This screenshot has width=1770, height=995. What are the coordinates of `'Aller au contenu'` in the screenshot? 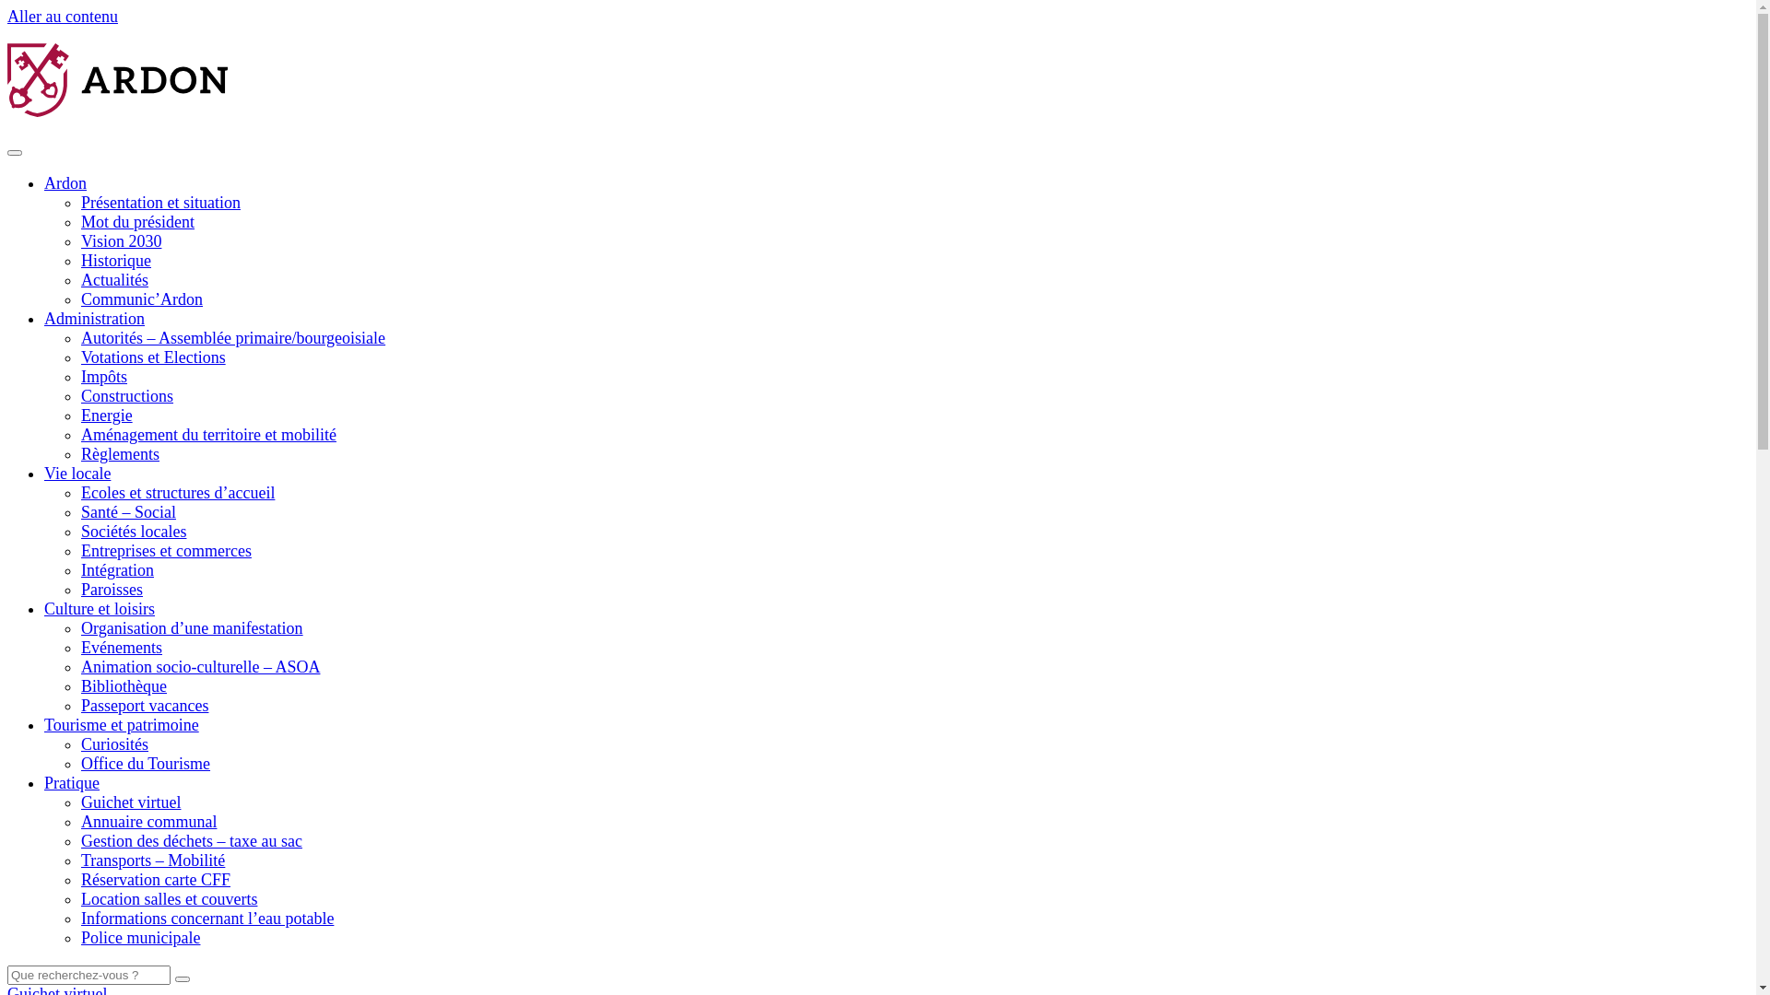 It's located at (62, 17).